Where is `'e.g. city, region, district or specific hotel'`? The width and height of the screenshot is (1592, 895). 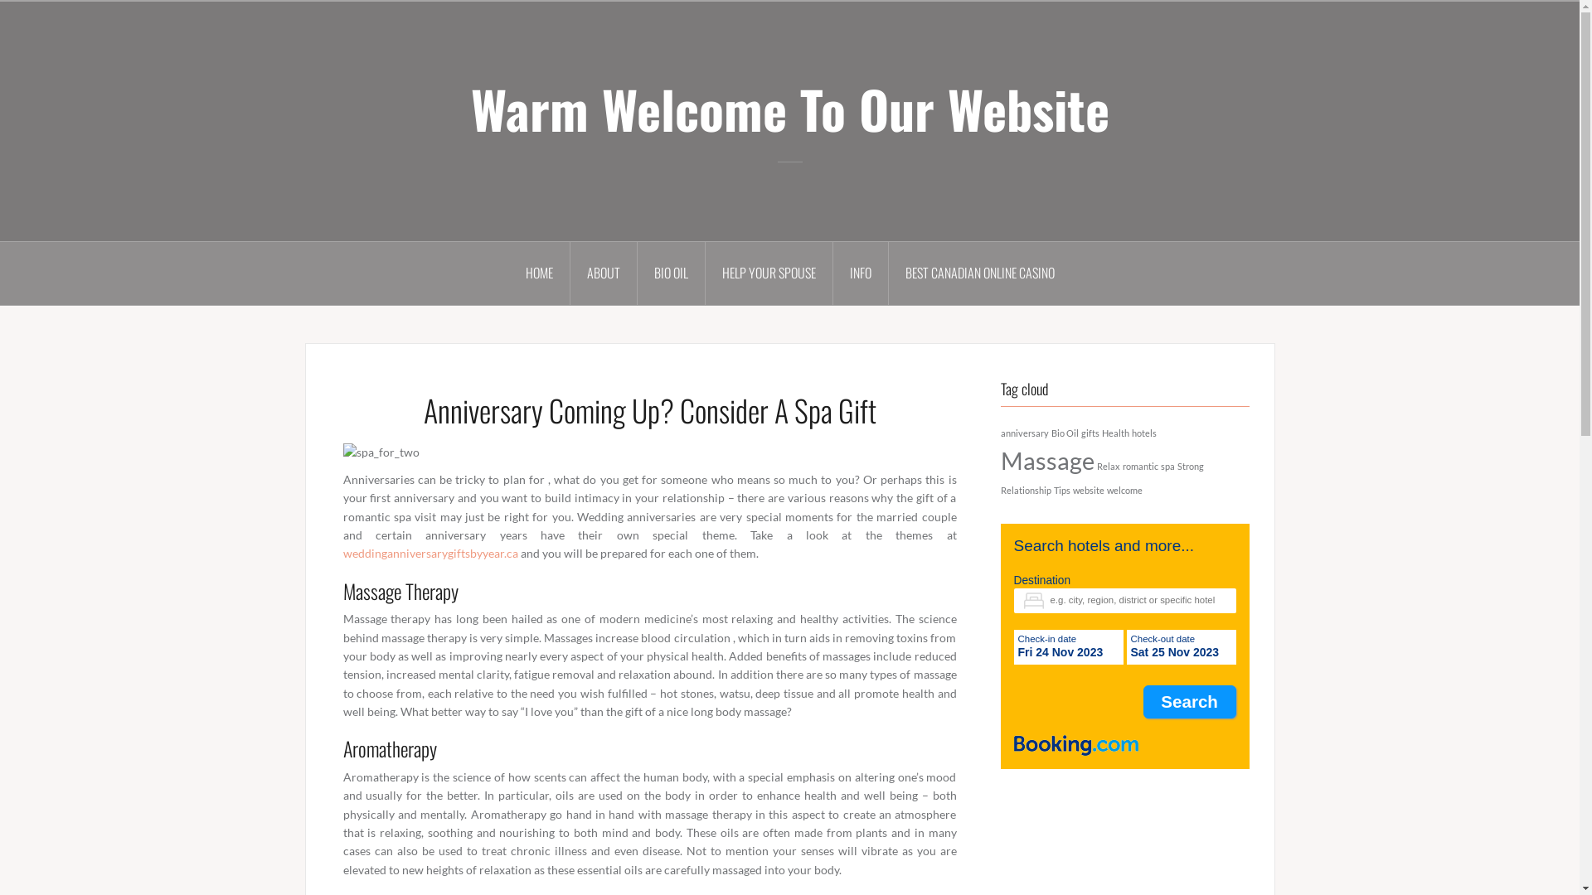
'e.g. city, region, district or specific hotel' is located at coordinates (1124, 601).